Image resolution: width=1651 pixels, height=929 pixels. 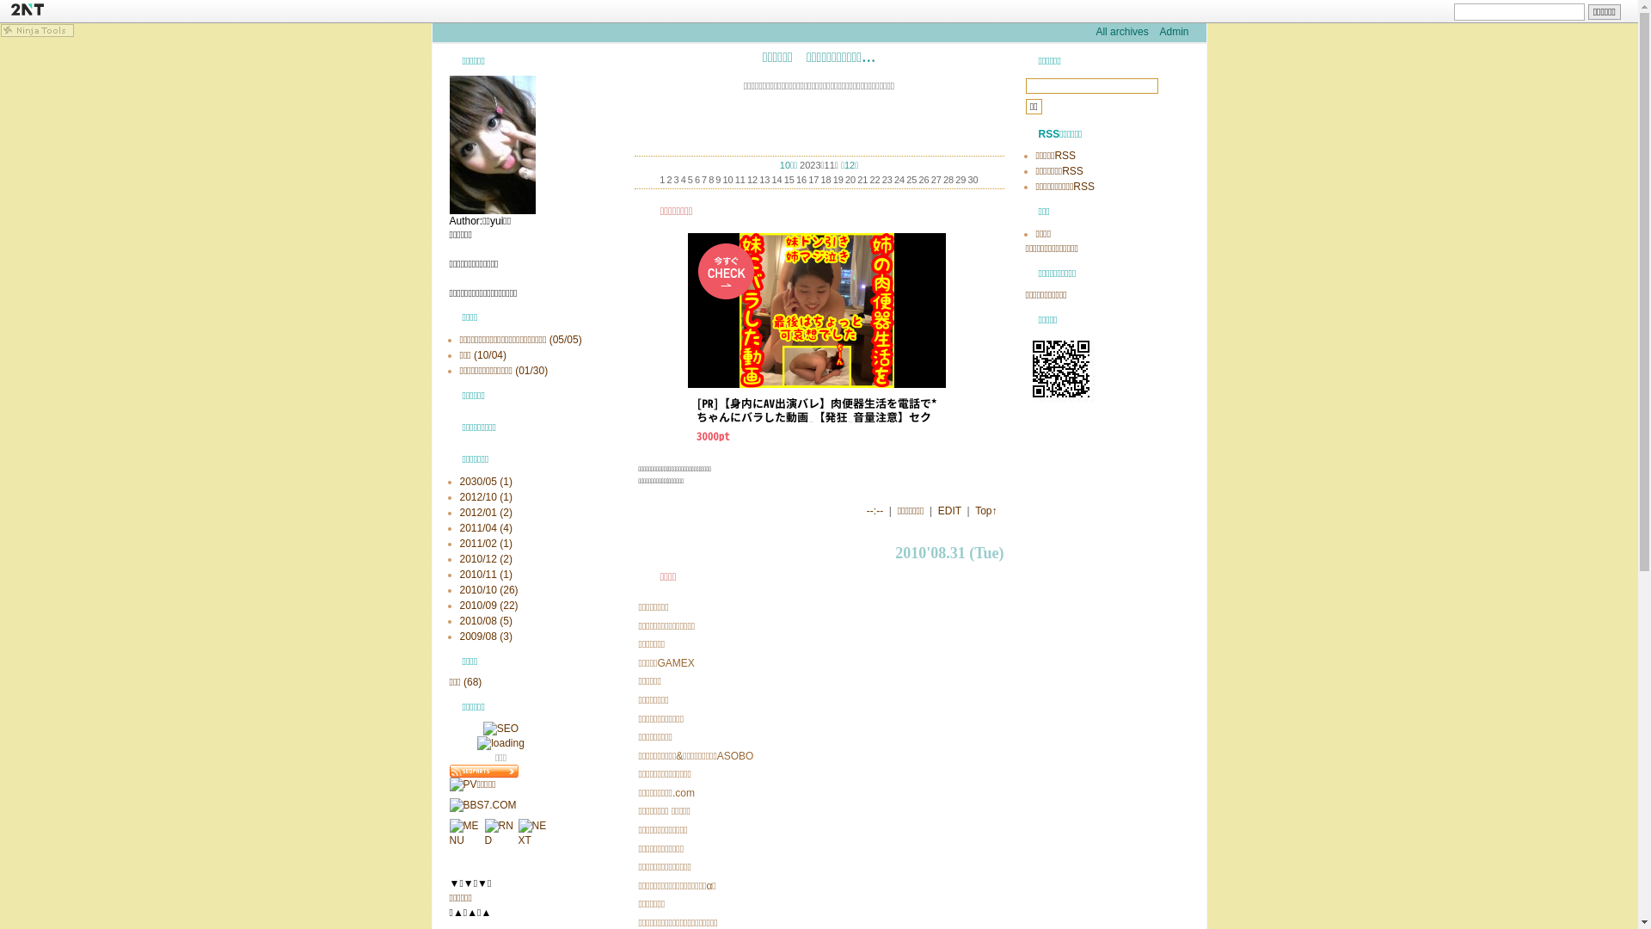 I want to click on '2010/12 (2)', so click(x=484, y=559).